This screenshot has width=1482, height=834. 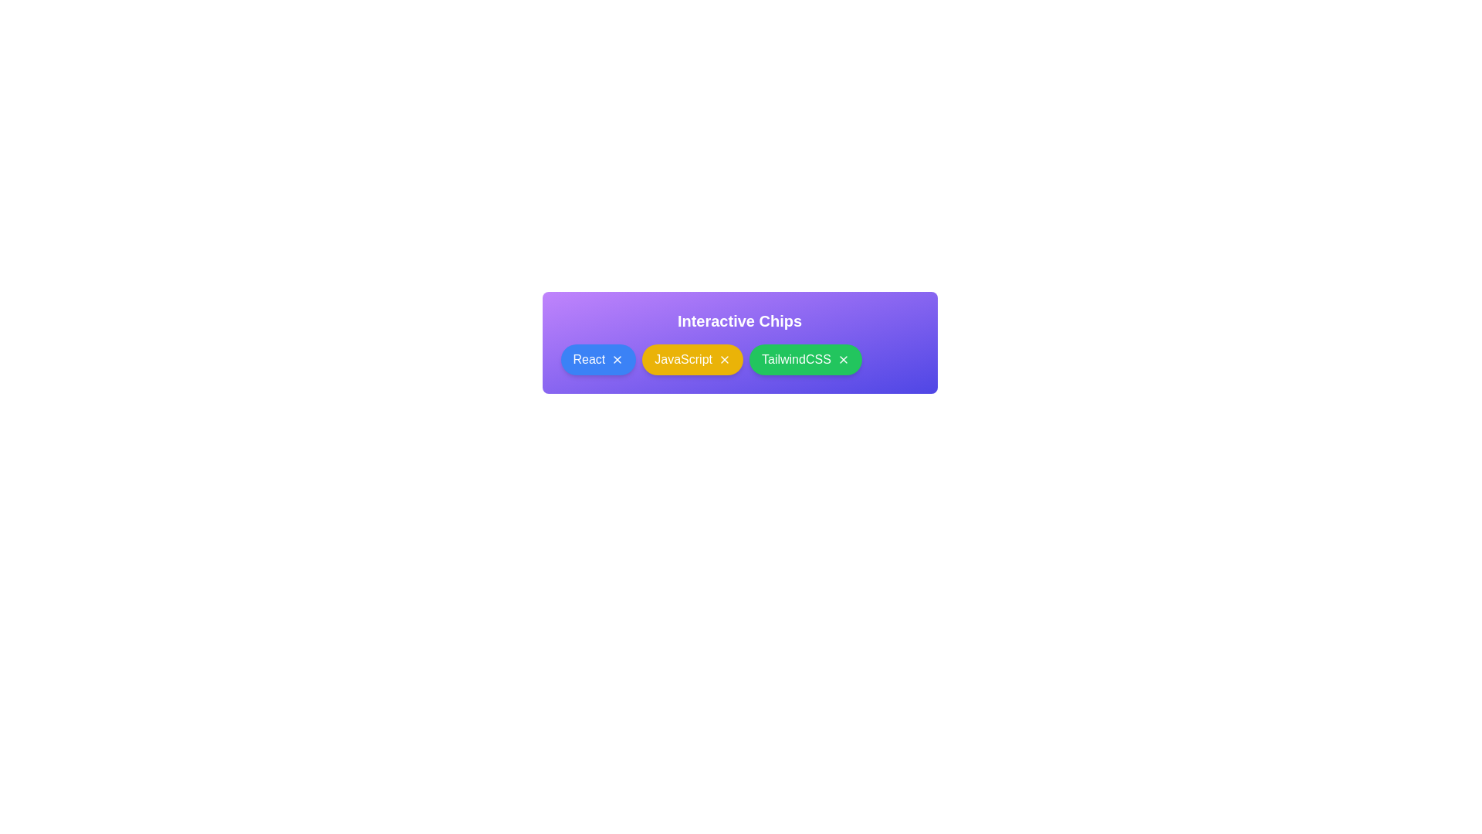 What do you see at coordinates (842, 360) in the screenshot?
I see `close button on the chip labeled TailwindCSS` at bounding box center [842, 360].